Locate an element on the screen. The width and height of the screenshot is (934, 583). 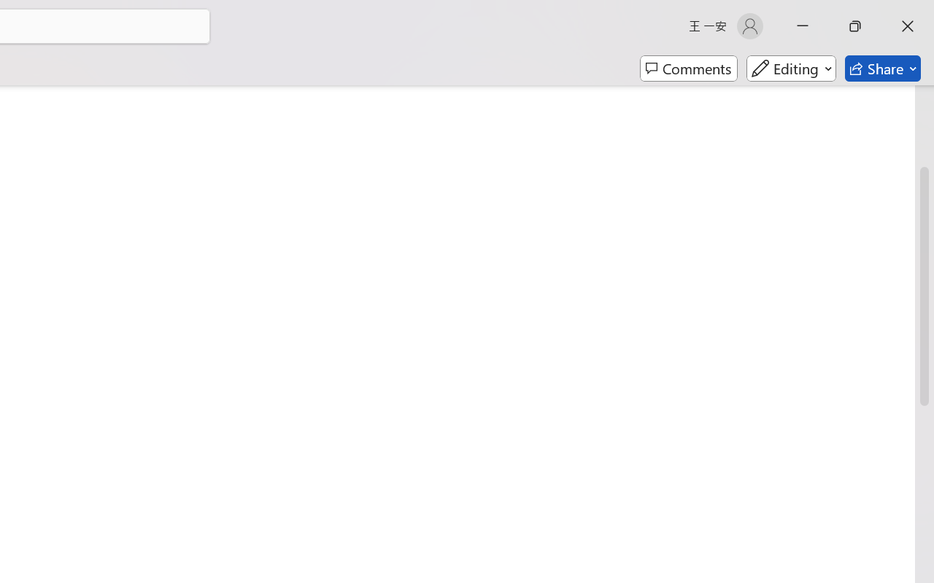
'Share' is located at coordinates (882, 69).